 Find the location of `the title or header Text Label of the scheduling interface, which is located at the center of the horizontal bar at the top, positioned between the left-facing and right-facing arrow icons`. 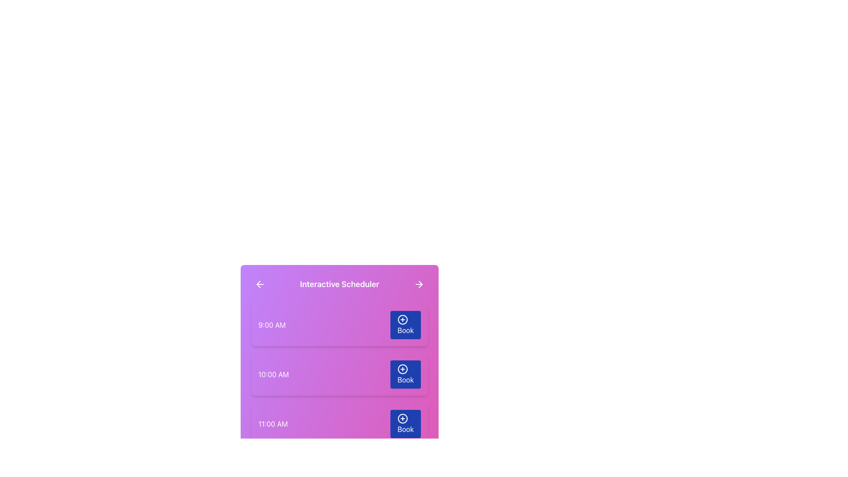

the title or header Text Label of the scheduling interface, which is located at the center of the horizontal bar at the top, positioned between the left-facing and right-facing arrow icons is located at coordinates (339, 284).